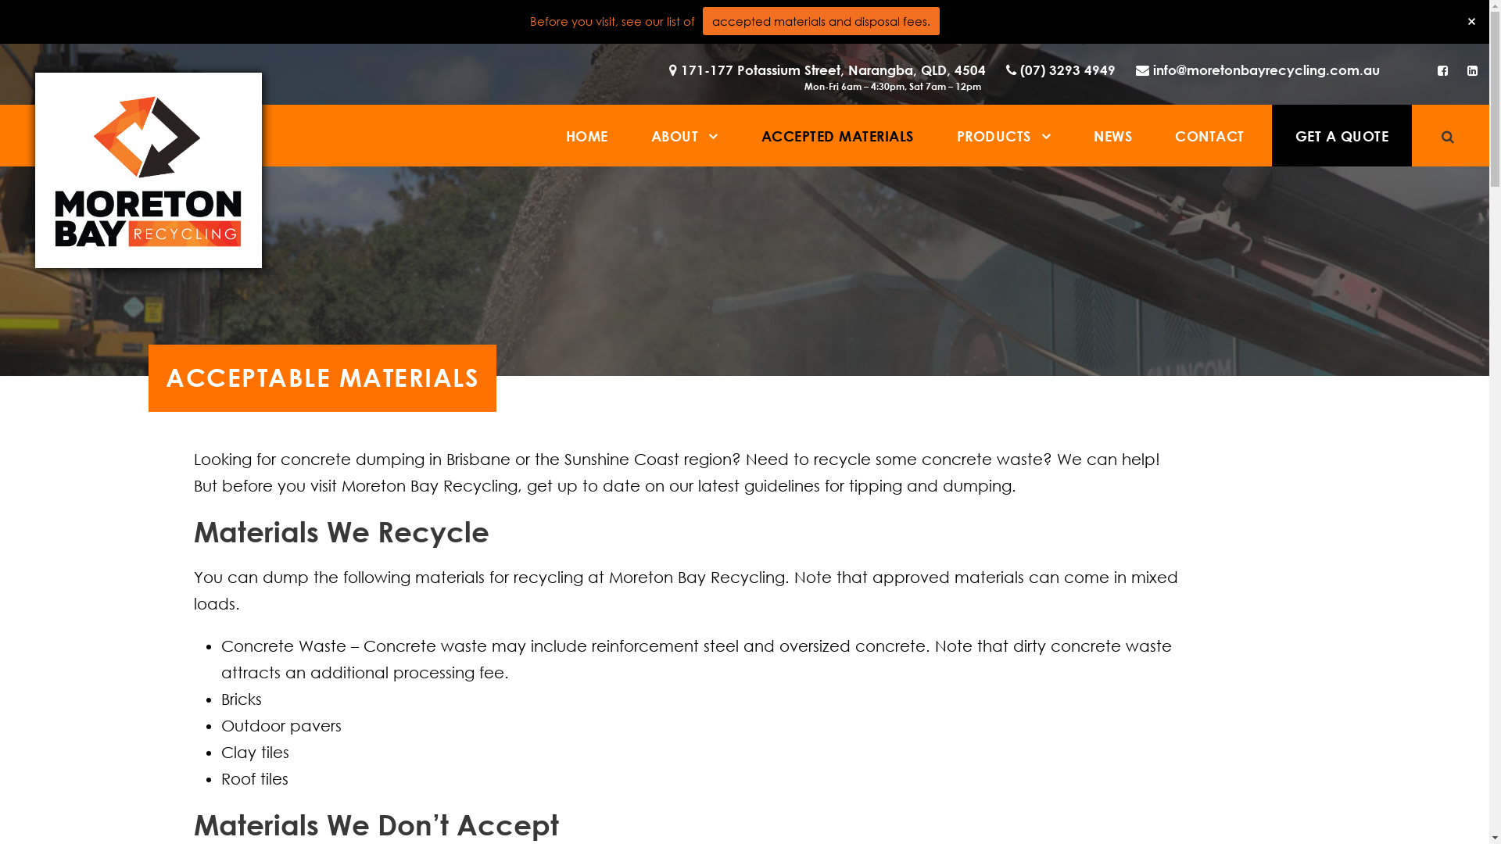 The width and height of the screenshot is (1501, 844). Describe the element at coordinates (997, 77) in the screenshot. I see `'(07) 3293 4949'` at that location.